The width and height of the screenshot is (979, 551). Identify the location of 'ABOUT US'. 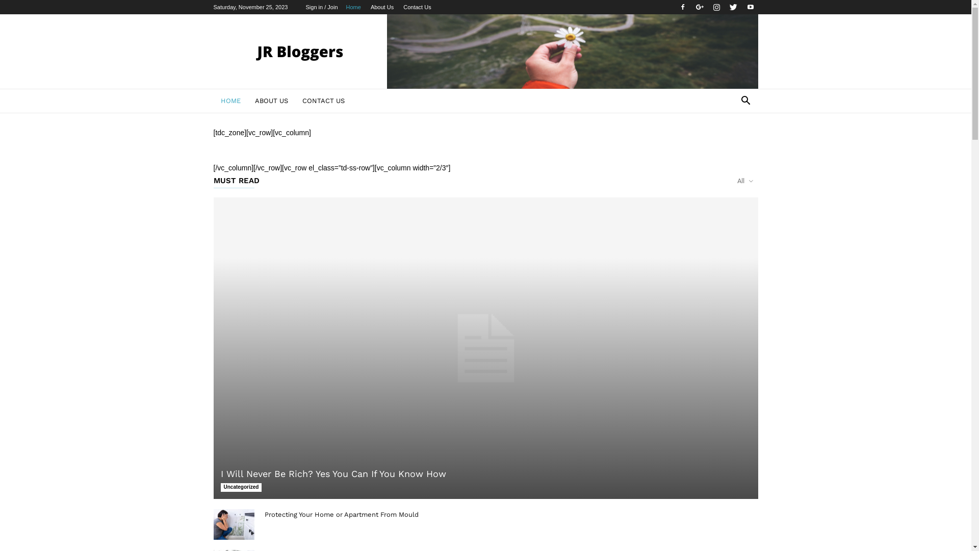
(271, 101).